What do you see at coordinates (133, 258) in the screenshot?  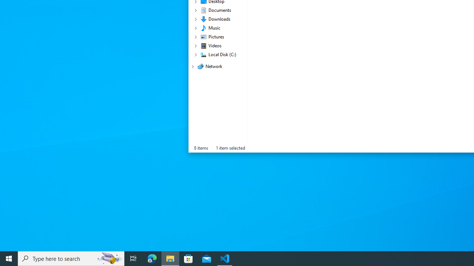 I see `'Task View'` at bounding box center [133, 258].